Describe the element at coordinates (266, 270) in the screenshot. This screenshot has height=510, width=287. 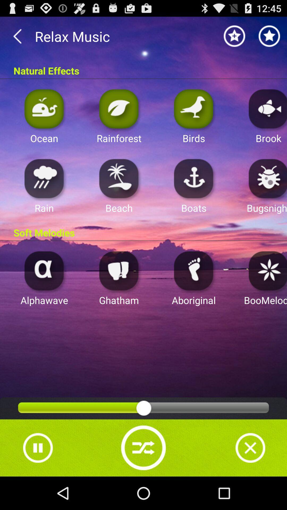
I see `the boomeload button` at that location.